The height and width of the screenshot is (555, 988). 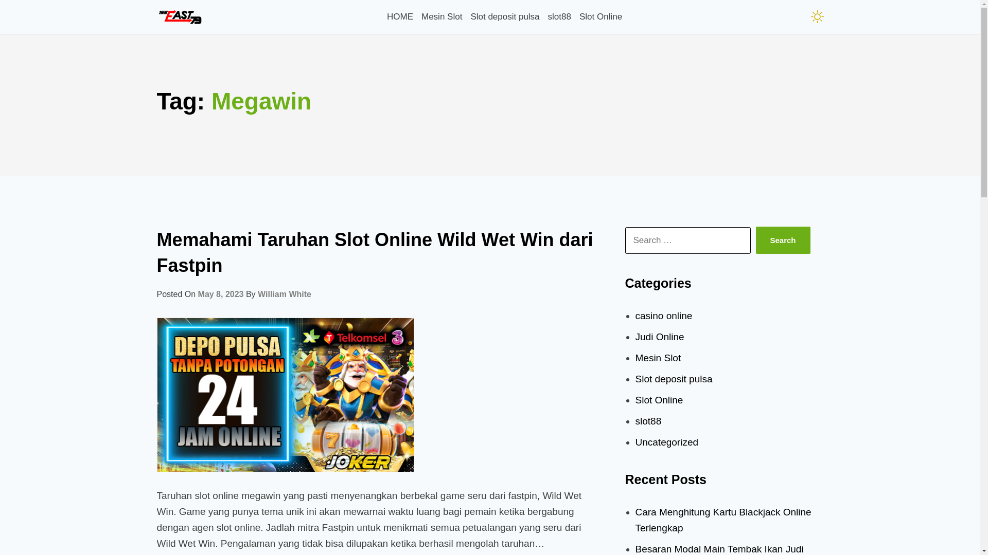 What do you see at coordinates (220, 294) in the screenshot?
I see `'May 8, 2023'` at bounding box center [220, 294].